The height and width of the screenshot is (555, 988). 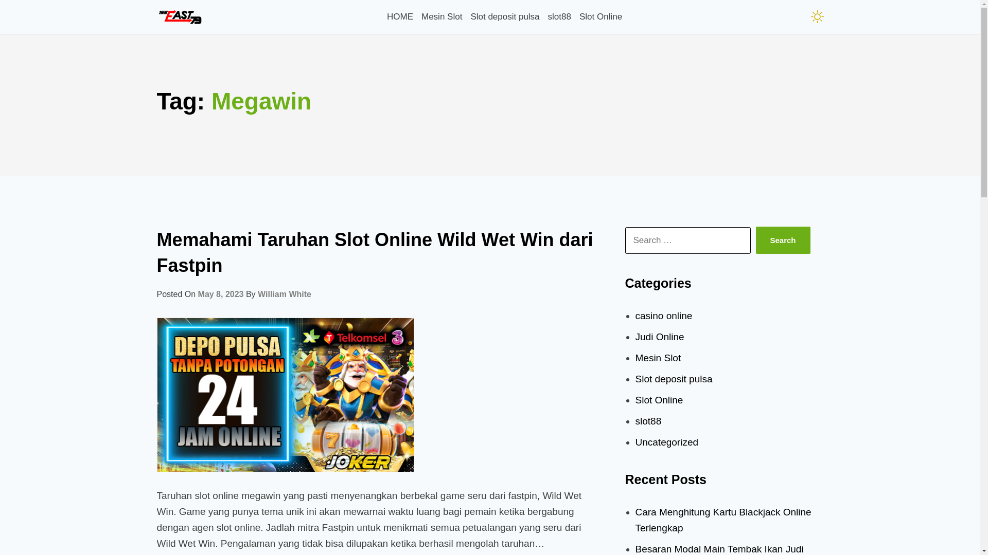 What do you see at coordinates (220, 294) in the screenshot?
I see `'May 8, 2023'` at bounding box center [220, 294].